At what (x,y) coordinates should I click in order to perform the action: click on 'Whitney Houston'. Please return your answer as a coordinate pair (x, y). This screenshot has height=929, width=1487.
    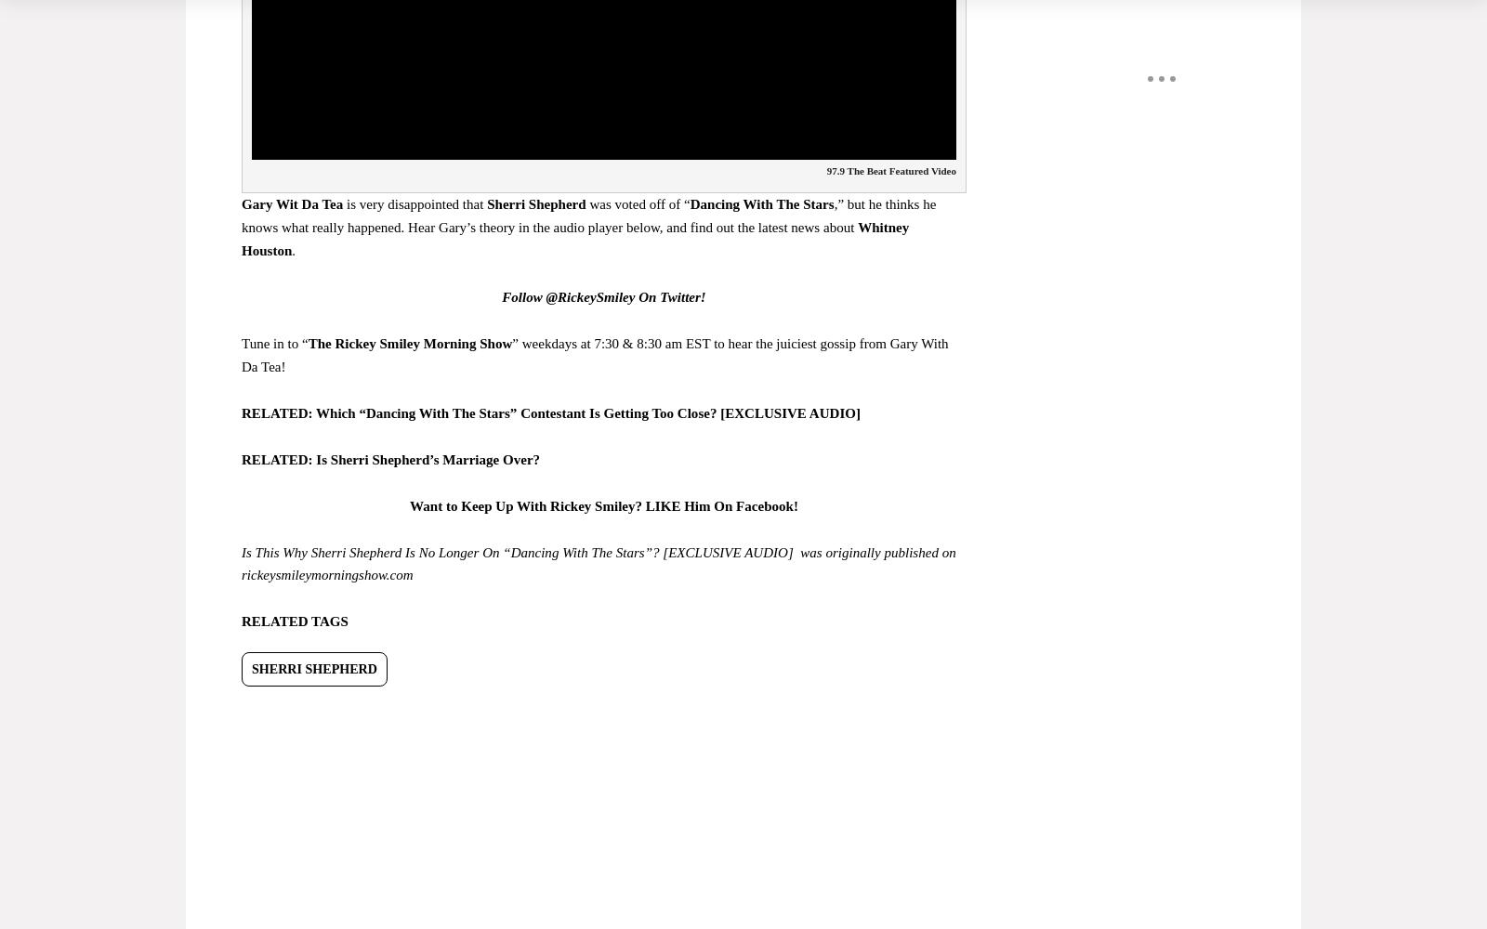
    Looking at the image, I should click on (575, 239).